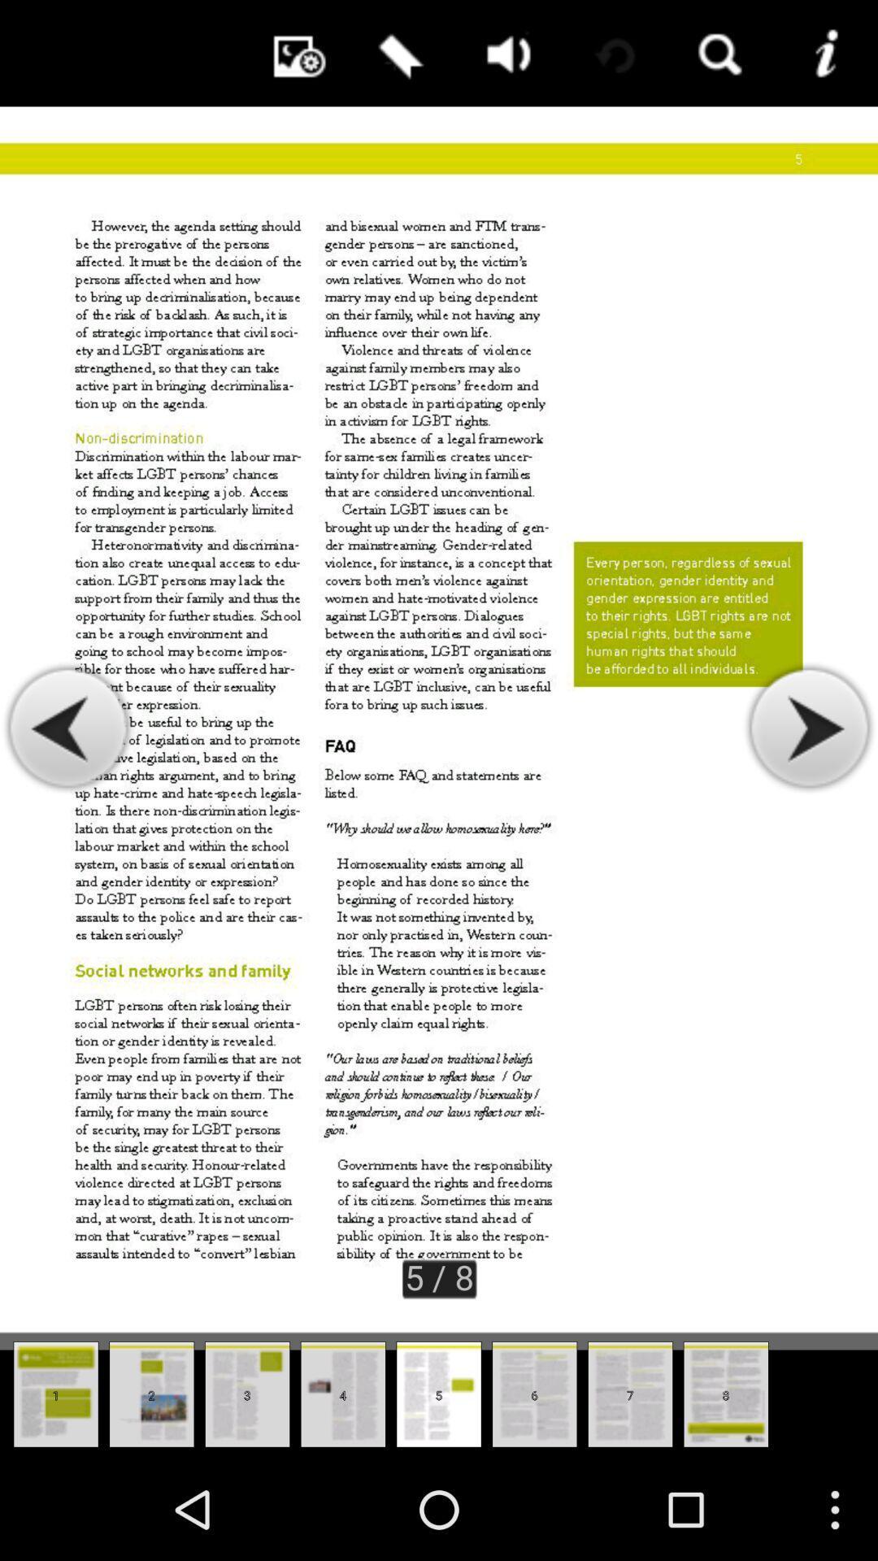 This screenshot has width=878, height=1561. I want to click on the arrow_backward icon, so click(67, 779).